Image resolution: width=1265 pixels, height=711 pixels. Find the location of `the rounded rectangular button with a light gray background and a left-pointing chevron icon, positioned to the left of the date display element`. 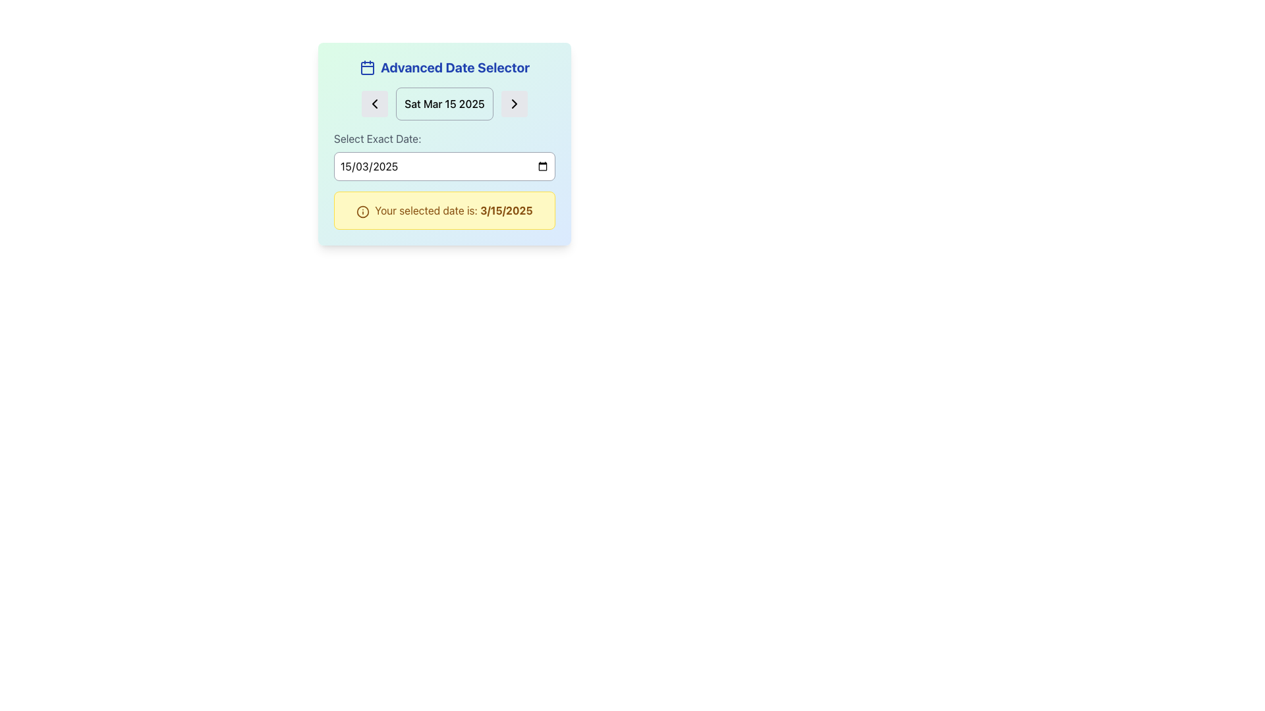

the rounded rectangular button with a light gray background and a left-pointing chevron icon, positioned to the left of the date display element is located at coordinates (374, 103).